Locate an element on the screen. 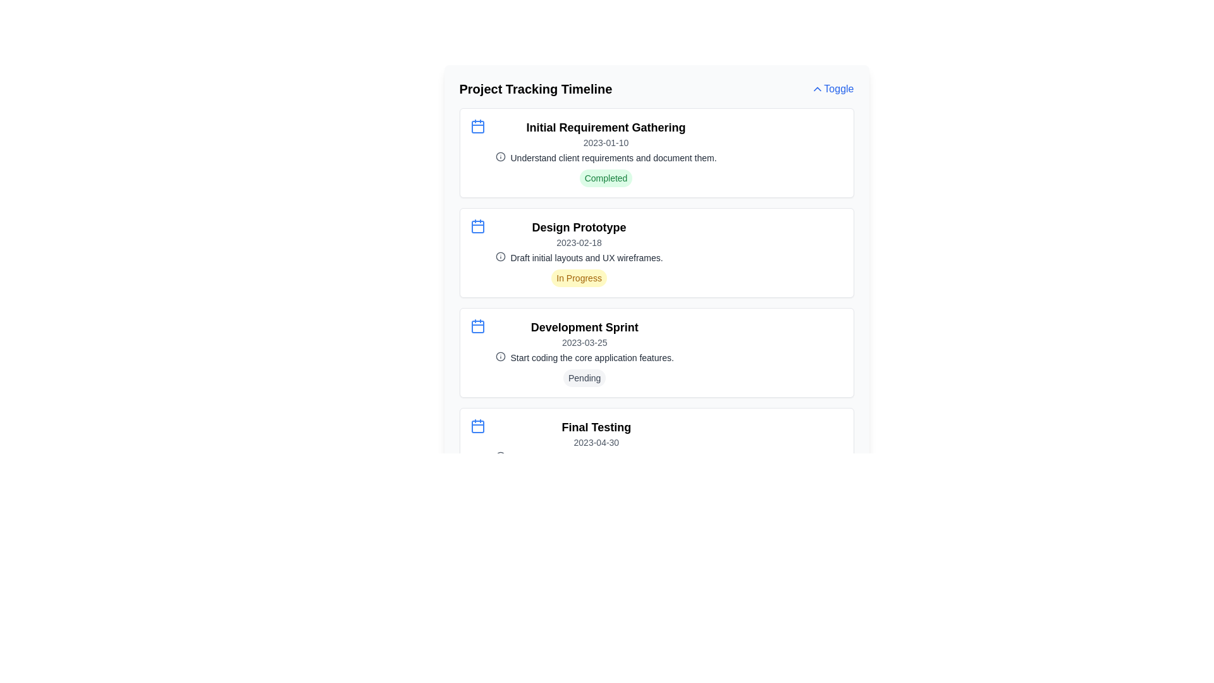 This screenshot has width=1214, height=683. the Iconographic circle, which is a circular shape of radius 10 units, located next to the 'Design Prototype' section heading in the SVG graphic is located at coordinates (500, 156).